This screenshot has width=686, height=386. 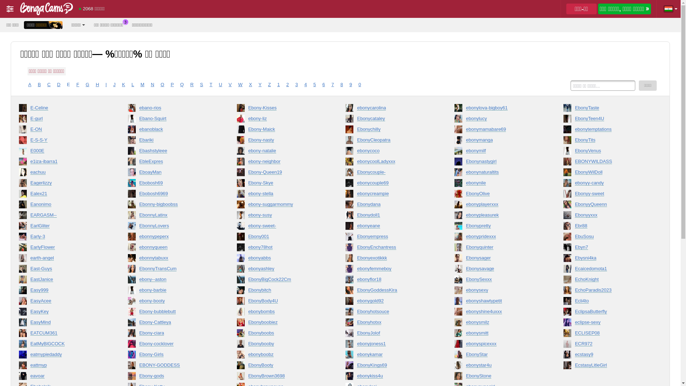 I want to click on 'EBONYWILDASS', so click(x=607, y=163).